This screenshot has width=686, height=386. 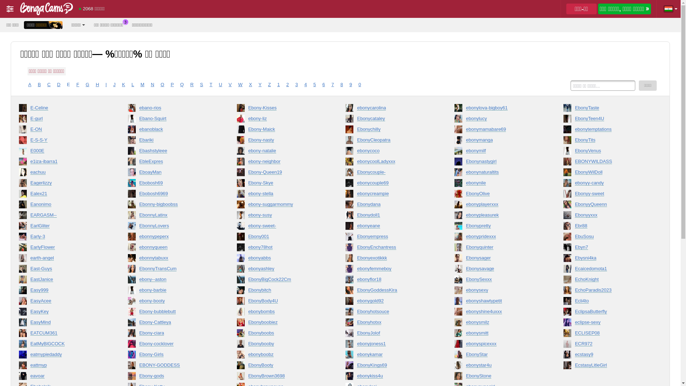 I want to click on 'EBONYWILDASS', so click(x=607, y=163).